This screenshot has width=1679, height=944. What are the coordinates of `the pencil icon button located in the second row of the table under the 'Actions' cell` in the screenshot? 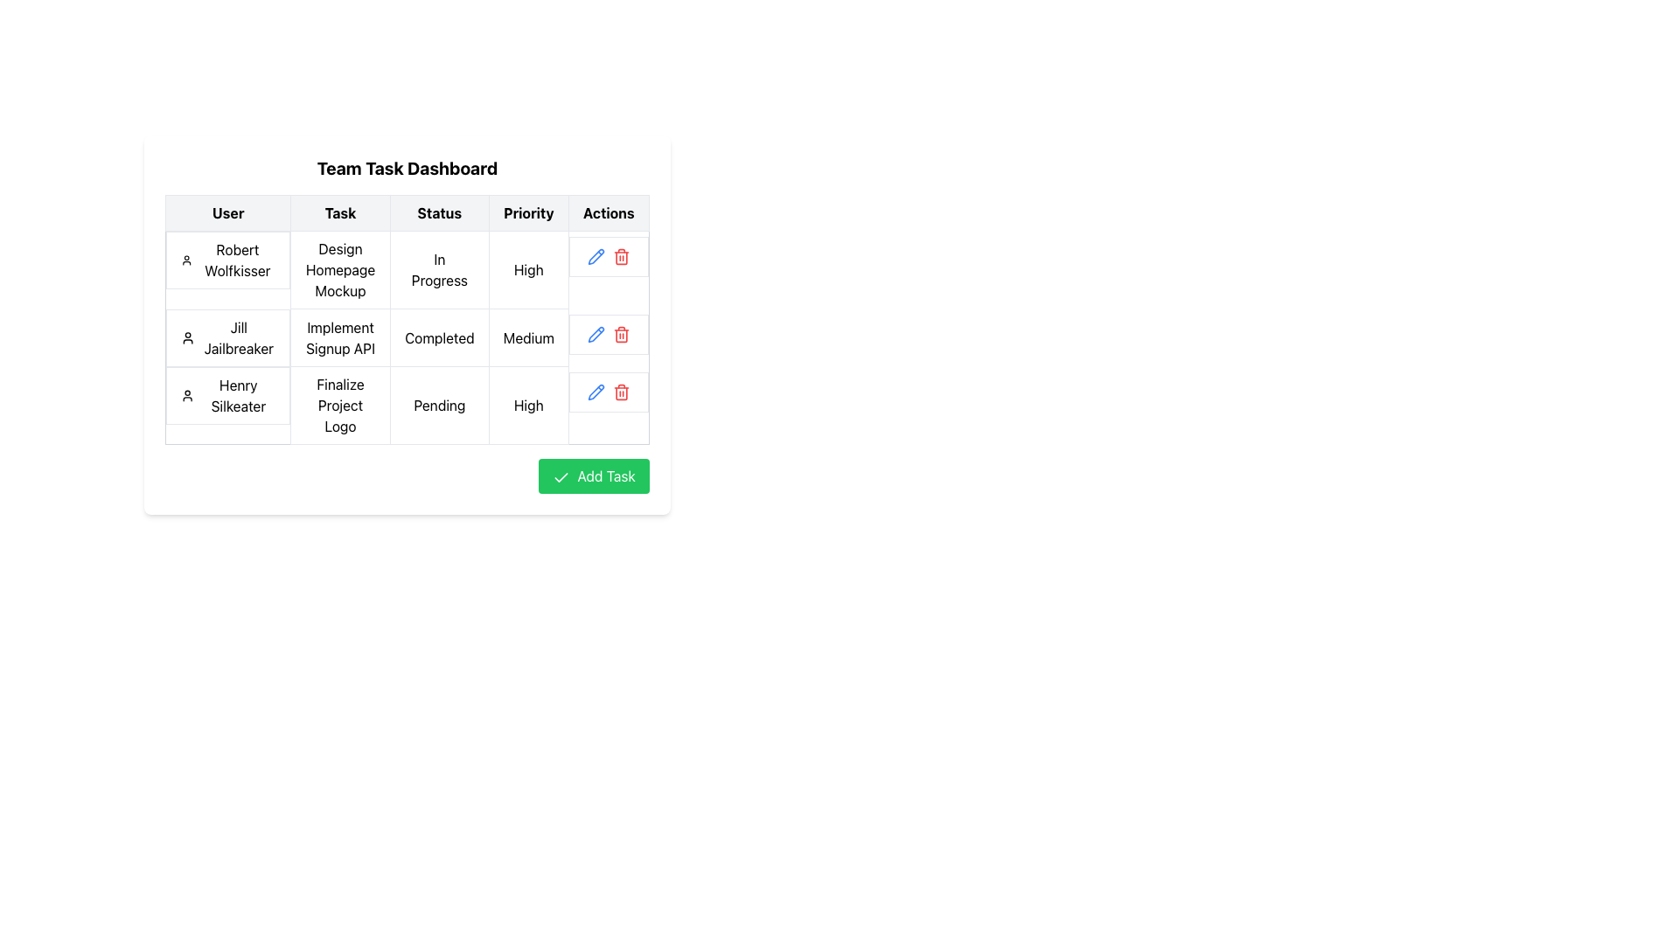 It's located at (596, 256).